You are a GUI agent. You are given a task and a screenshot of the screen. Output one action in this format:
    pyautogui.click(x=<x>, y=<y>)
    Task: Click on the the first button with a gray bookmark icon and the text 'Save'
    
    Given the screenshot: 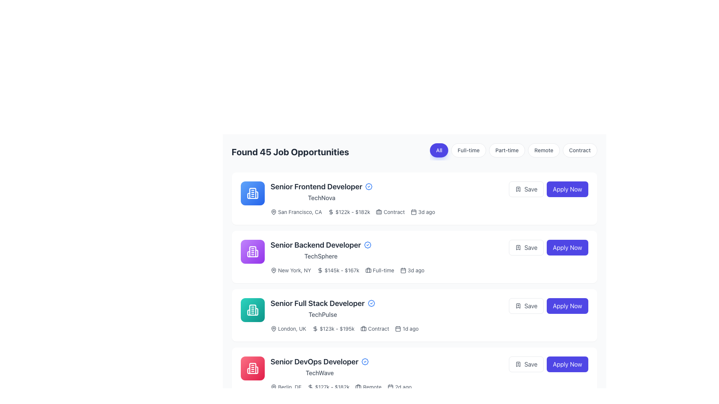 What is the action you would take?
    pyautogui.click(x=526, y=189)
    